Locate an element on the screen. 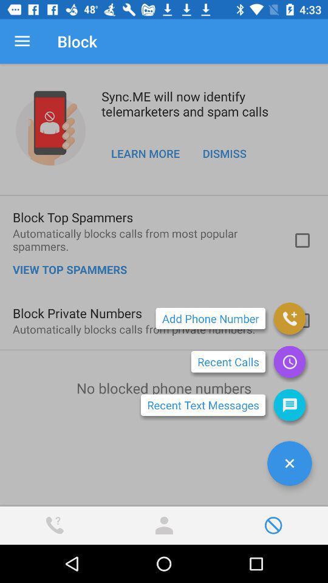 The height and width of the screenshot is (583, 328). the time icon is located at coordinates (289, 361).